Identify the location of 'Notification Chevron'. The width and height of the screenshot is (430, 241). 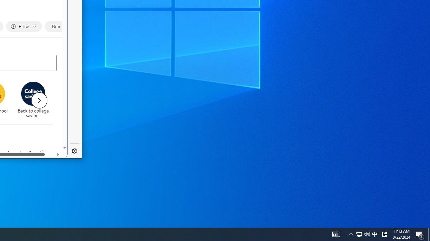
(351, 234).